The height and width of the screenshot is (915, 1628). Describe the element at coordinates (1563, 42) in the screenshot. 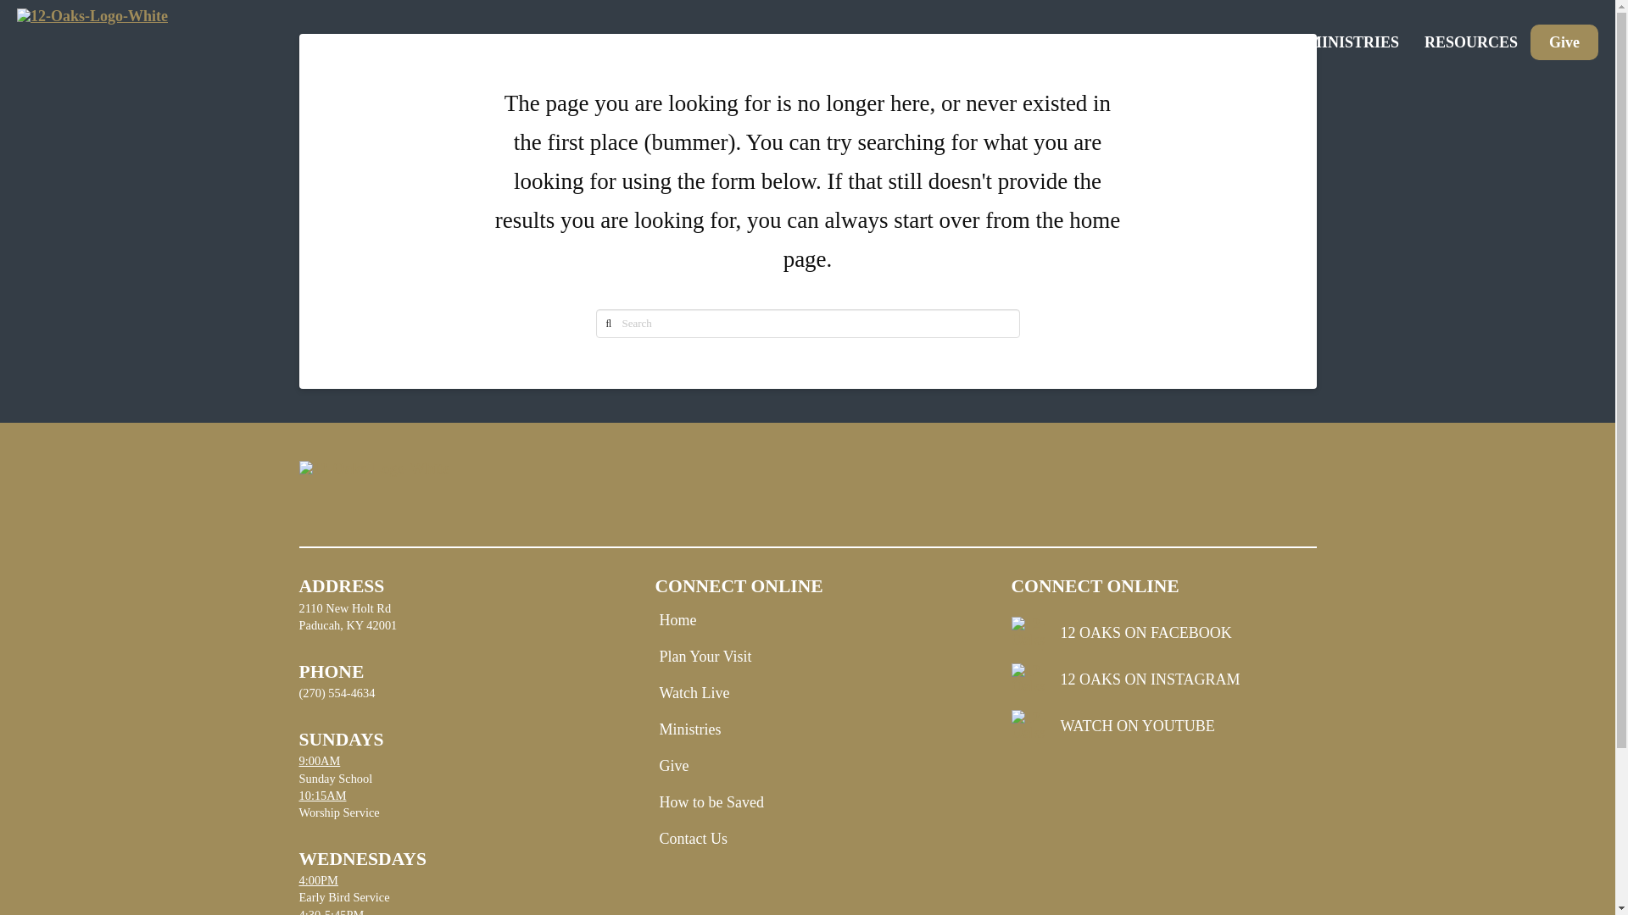

I see `'Give'` at that location.